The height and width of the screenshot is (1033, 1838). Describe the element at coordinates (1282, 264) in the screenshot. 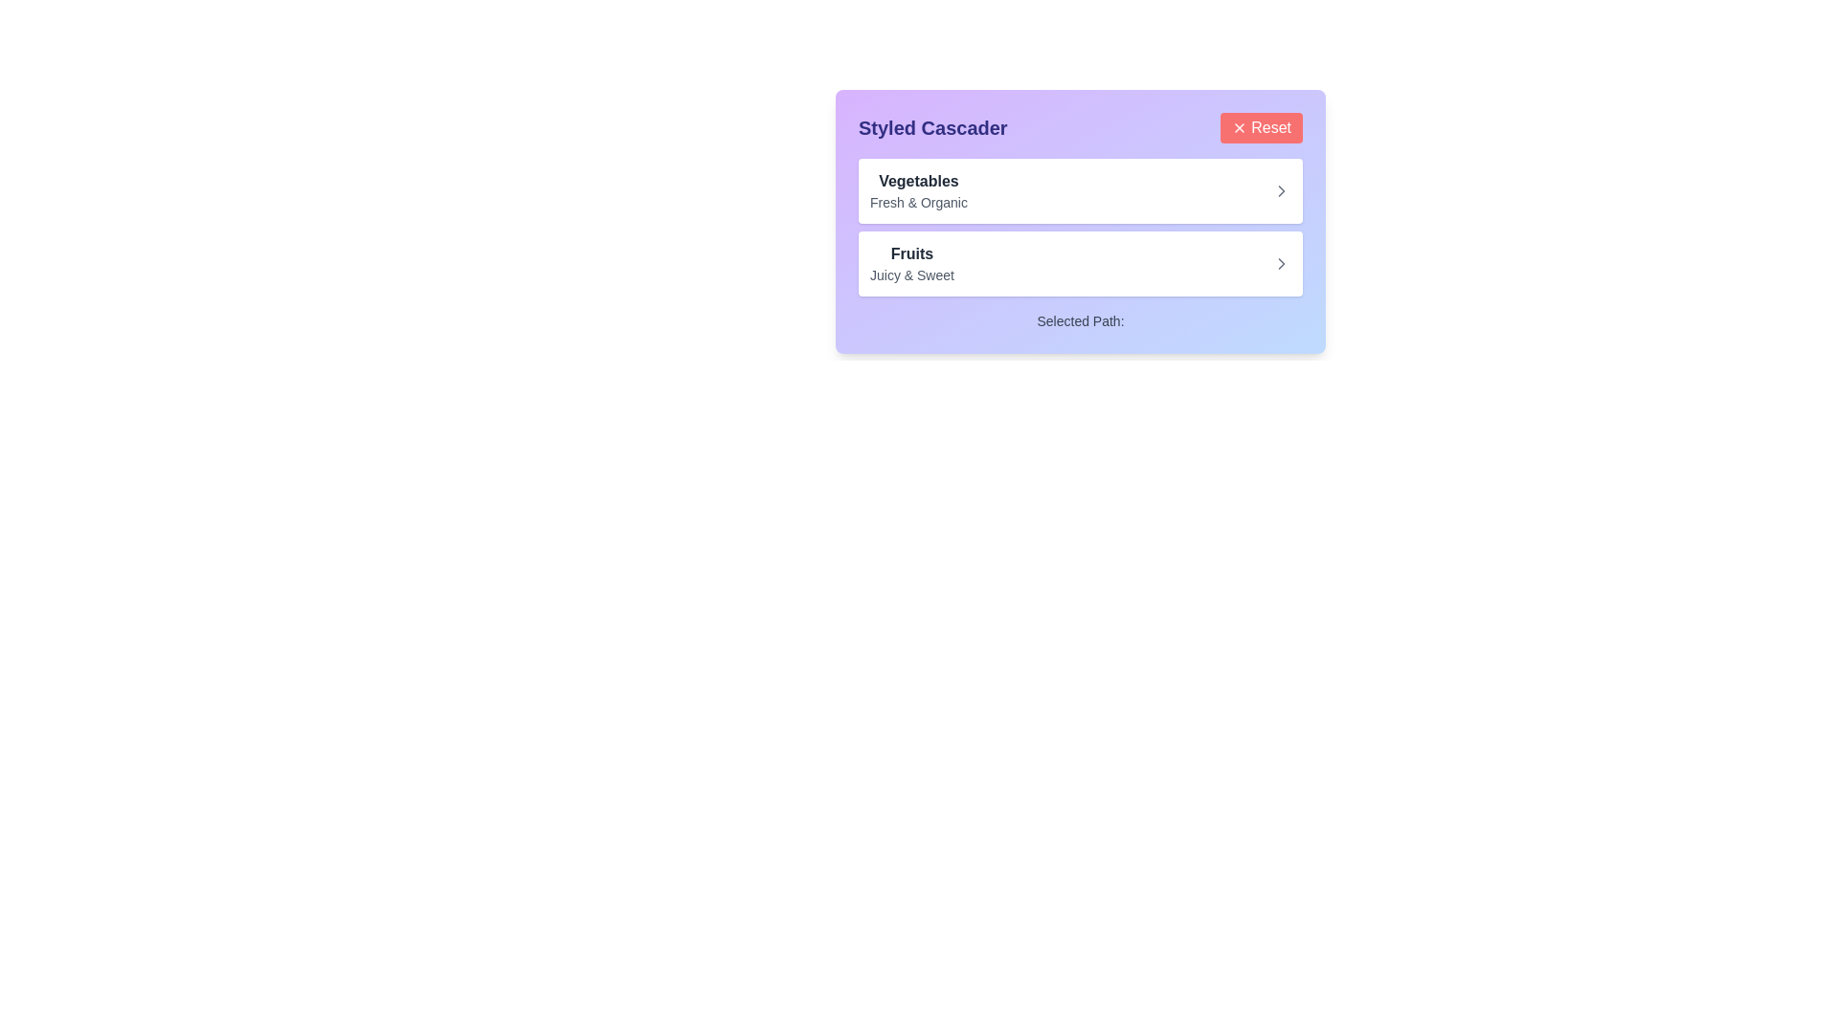

I see `the chevron icon located on the right edge of the 'Fruits' entry` at that location.